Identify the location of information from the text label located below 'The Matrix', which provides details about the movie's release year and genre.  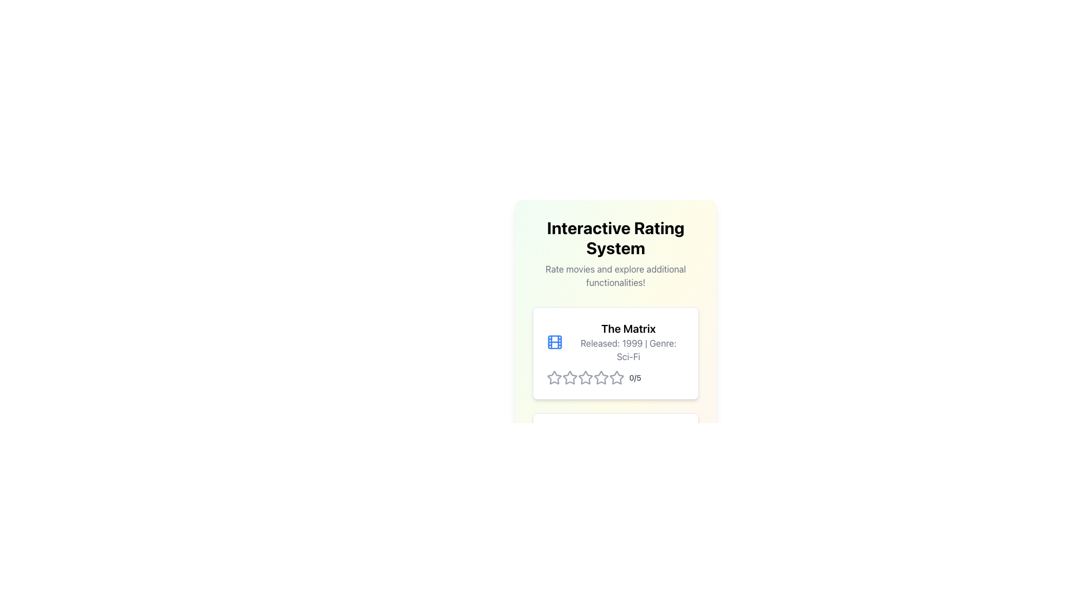
(628, 349).